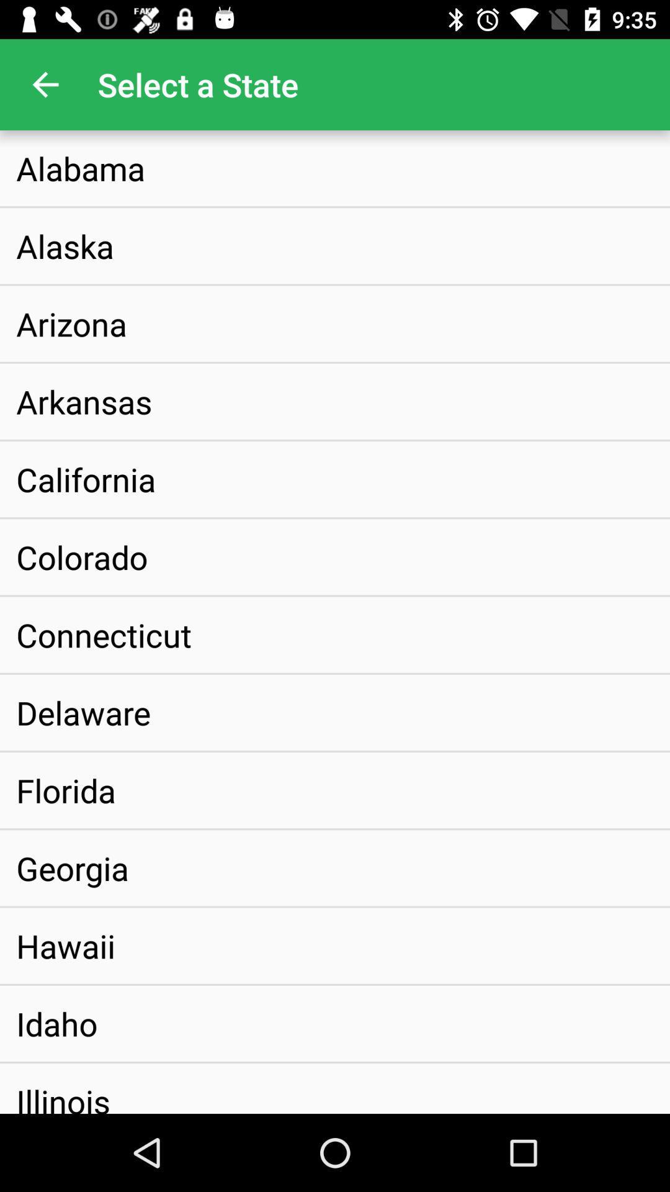 This screenshot has width=670, height=1192. What do you see at coordinates (63, 1088) in the screenshot?
I see `the item below the idaho` at bounding box center [63, 1088].